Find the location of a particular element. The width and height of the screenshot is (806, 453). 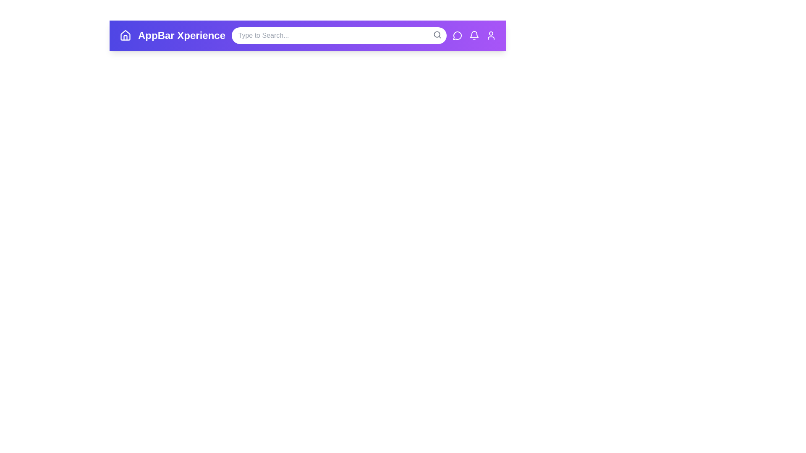

the messages icon in the app bar is located at coordinates (457, 35).